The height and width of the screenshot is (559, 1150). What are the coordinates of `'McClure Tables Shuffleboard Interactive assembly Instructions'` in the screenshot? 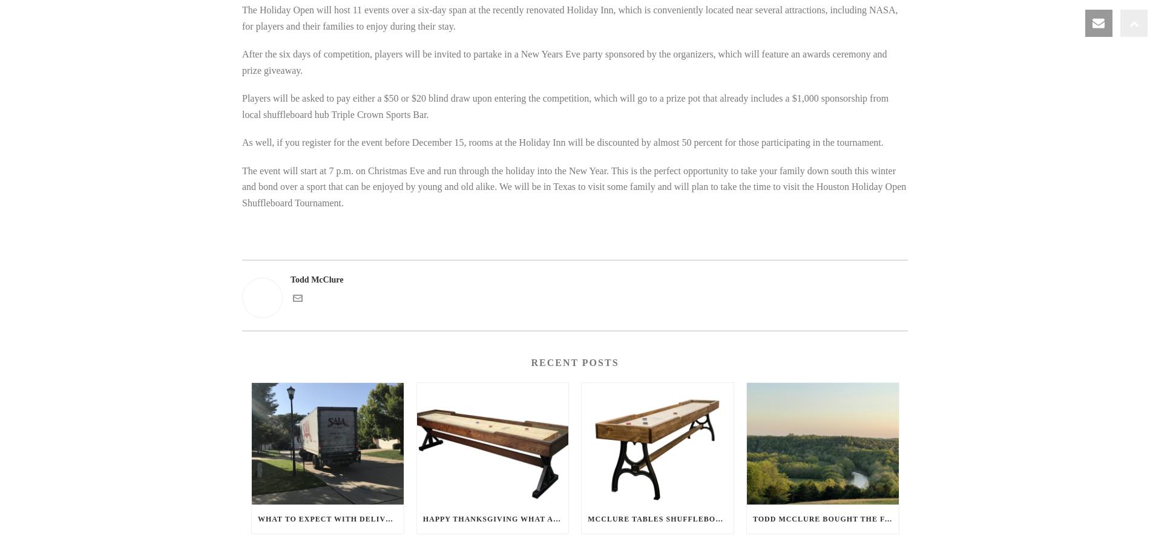 It's located at (745, 519).